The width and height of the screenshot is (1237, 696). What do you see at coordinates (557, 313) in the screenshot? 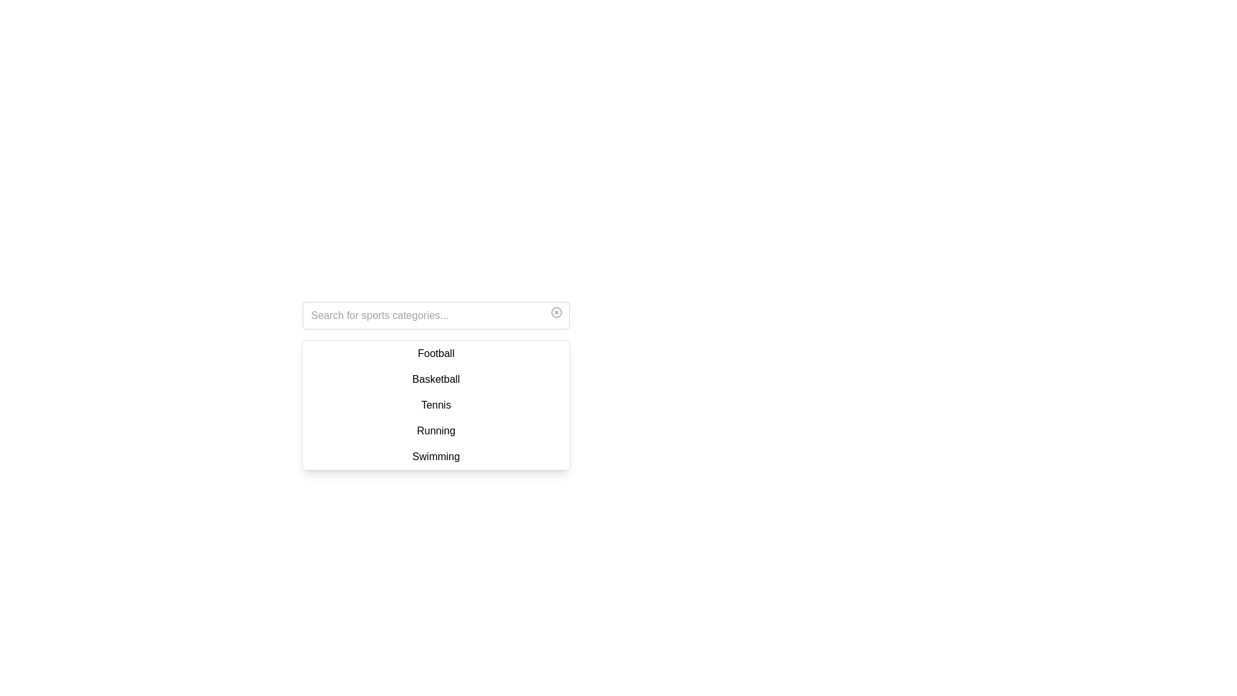
I see `the reset icon button located at the top-right corner of the search input field to clear the entered text` at bounding box center [557, 313].